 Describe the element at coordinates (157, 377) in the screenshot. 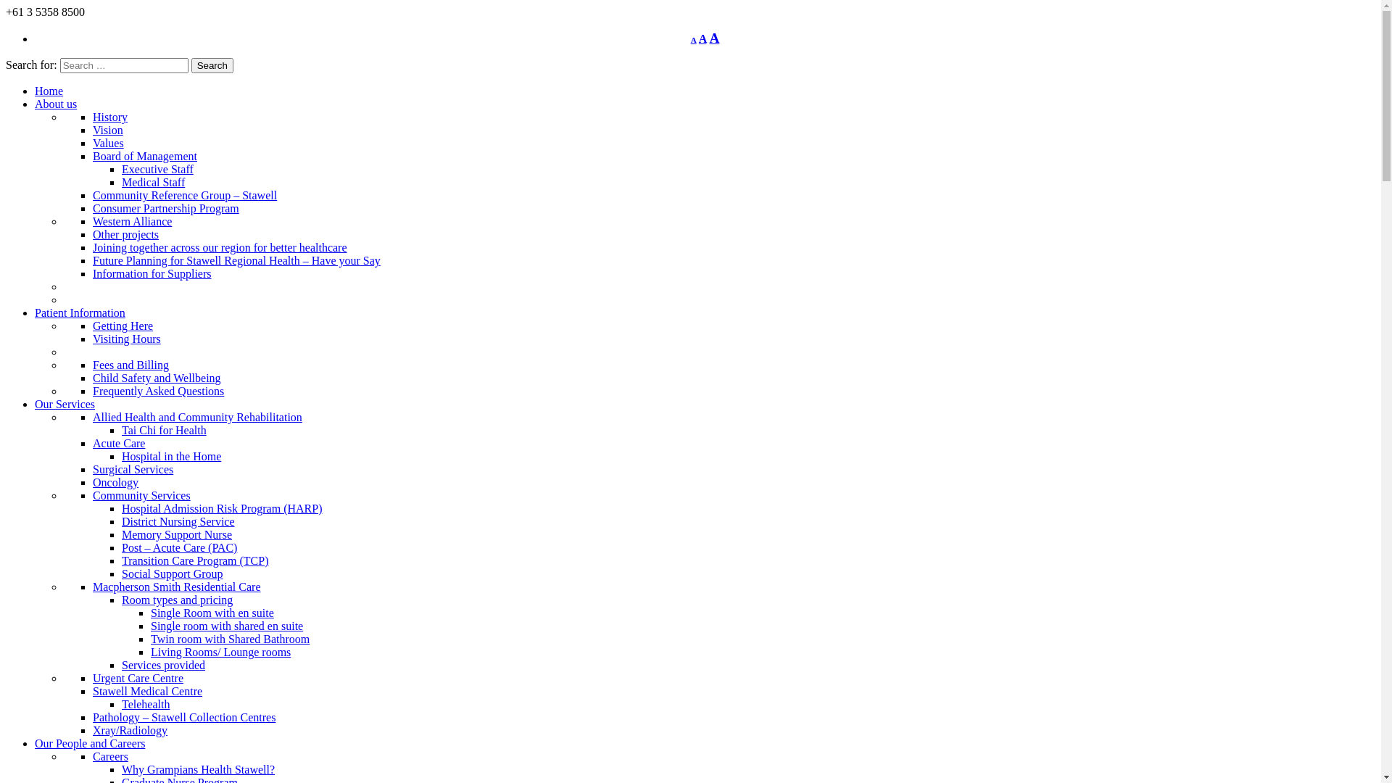

I see `'Child Safety and Wellbeing'` at that location.